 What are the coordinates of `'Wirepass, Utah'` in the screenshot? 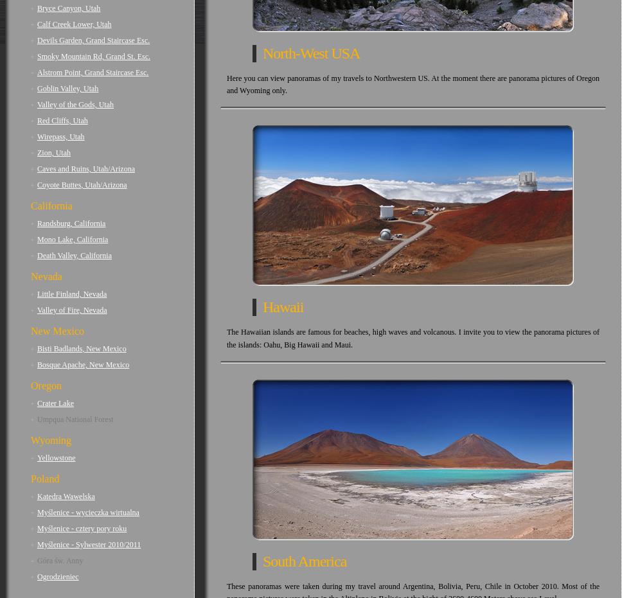 It's located at (60, 137).